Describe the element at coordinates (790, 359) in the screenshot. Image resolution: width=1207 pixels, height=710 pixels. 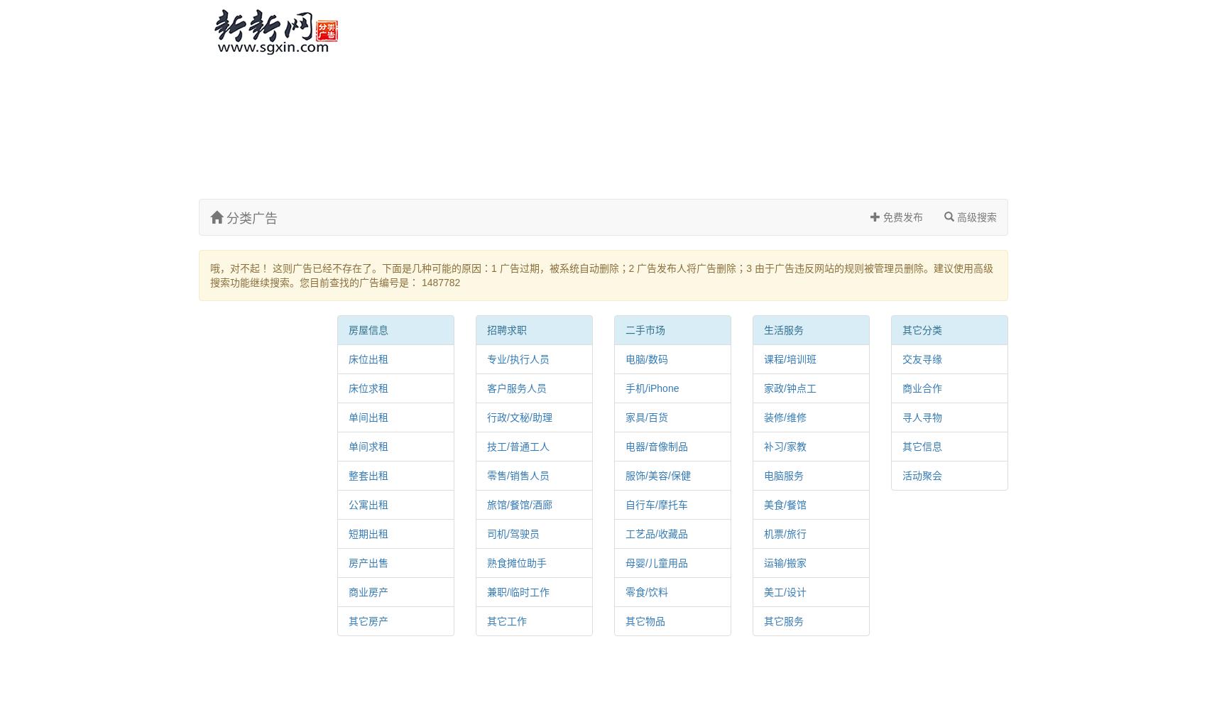
I see `'课程/培训班'` at that location.